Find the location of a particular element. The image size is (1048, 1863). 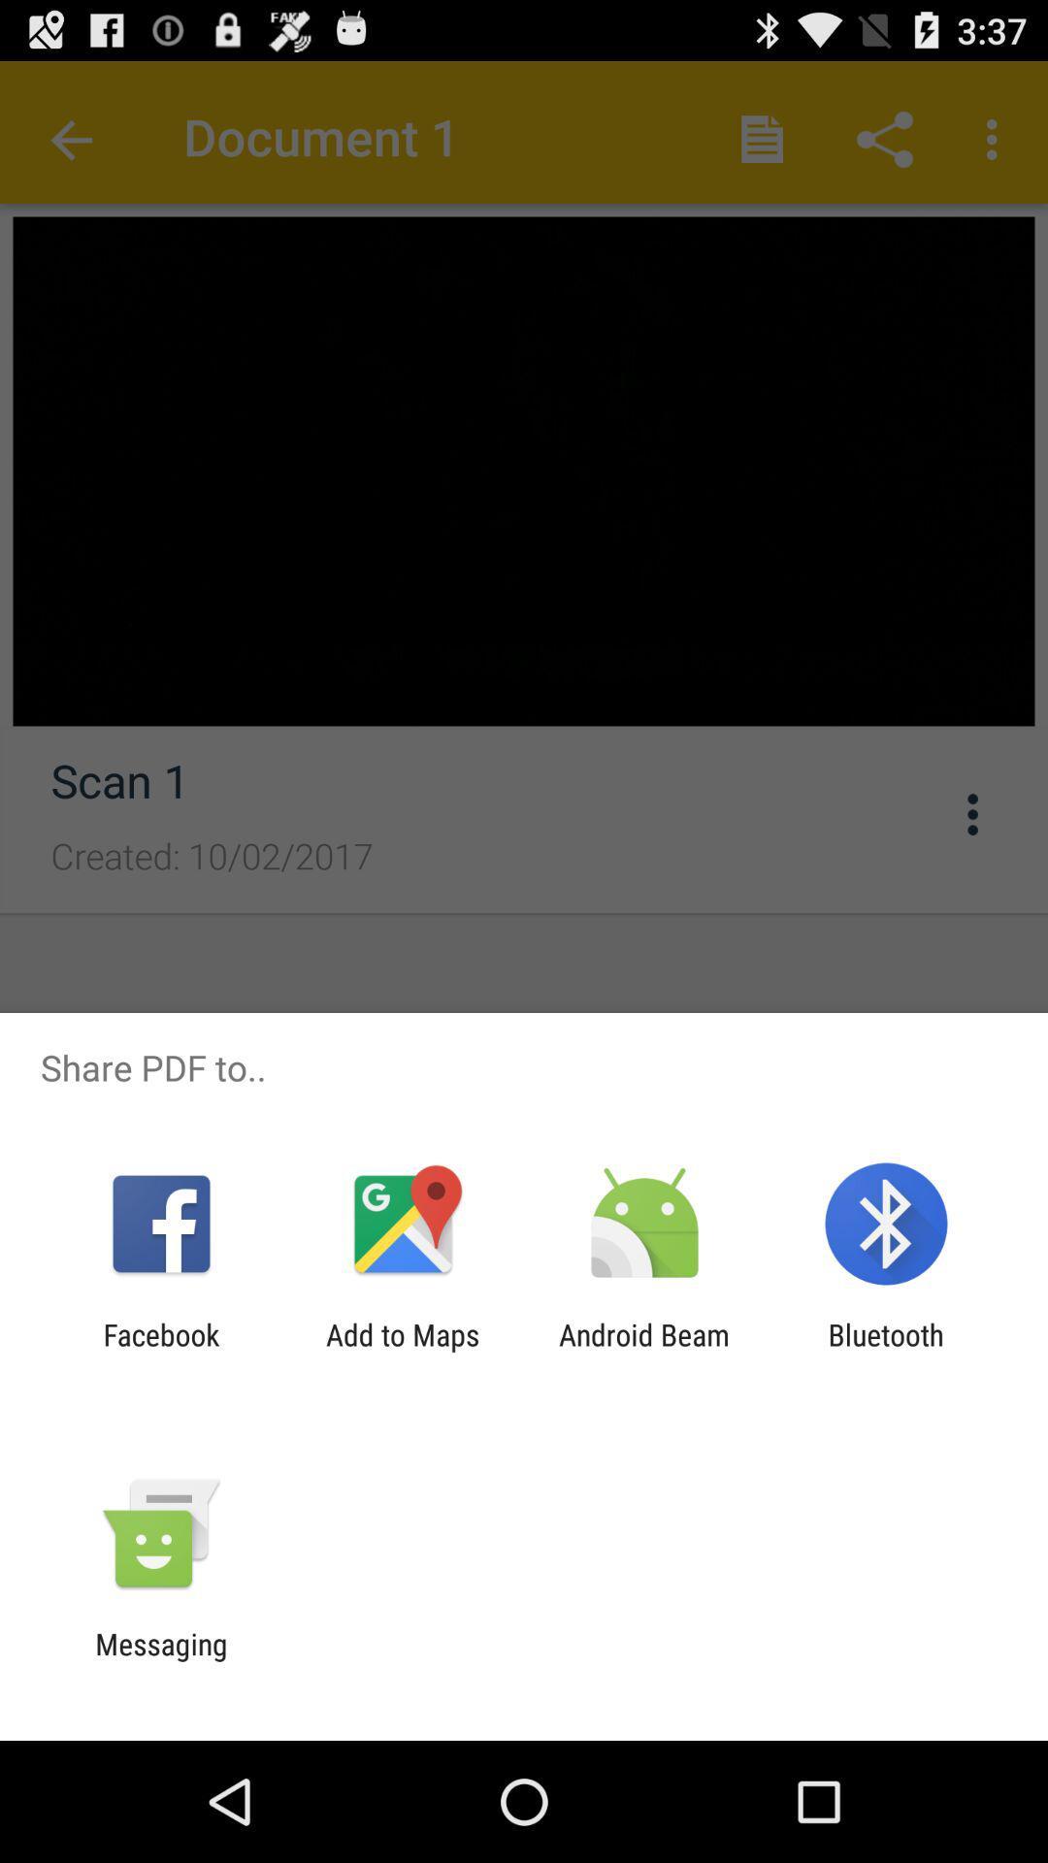

the messaging icon is located at coordinates (160, 1660).